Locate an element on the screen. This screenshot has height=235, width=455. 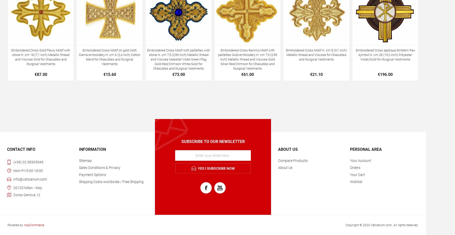
'Embroidered Cross Ramino Motif with paillettes Gold embroidery H. cm 7,5 (2,95 inch) Metallic thread and Viscose Gold Silver Red/Crimson for Chasubles and liturgical Vestments' is located at coordinates (217, 59).